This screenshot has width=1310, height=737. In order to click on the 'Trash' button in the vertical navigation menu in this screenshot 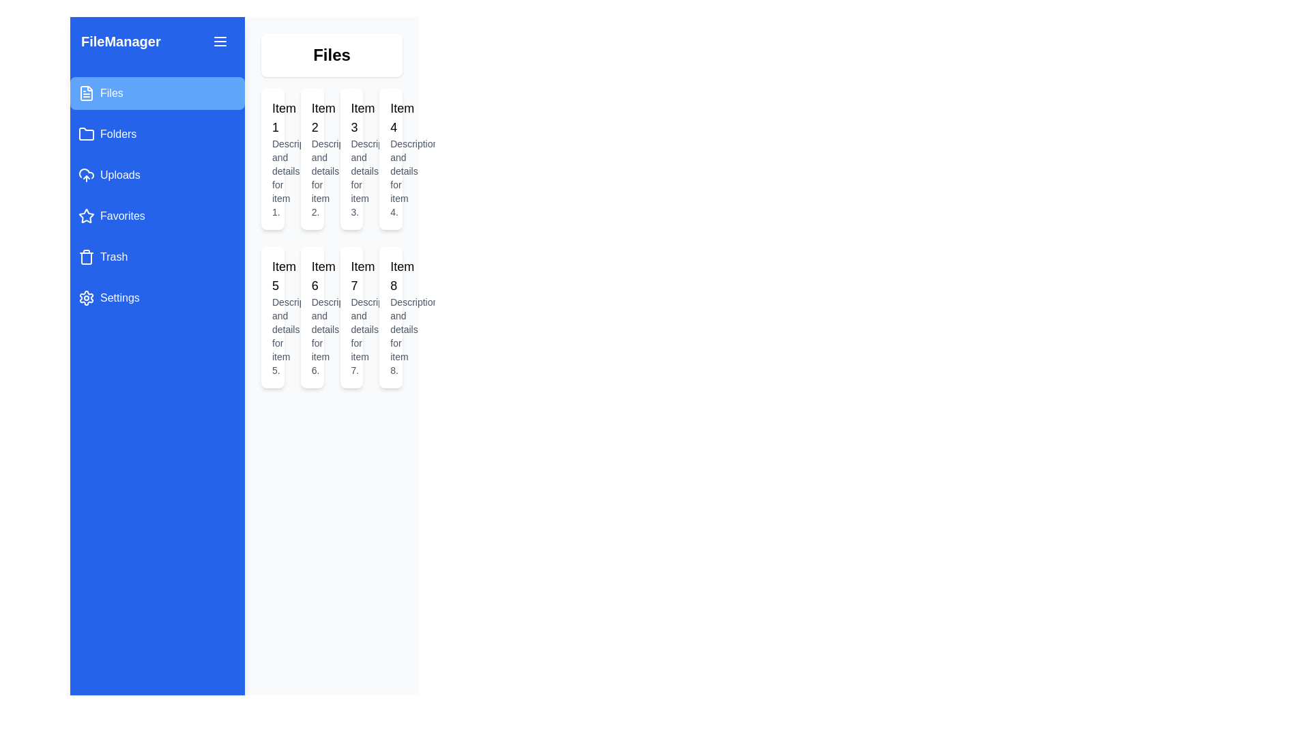, I will do `click(157, 257)`.